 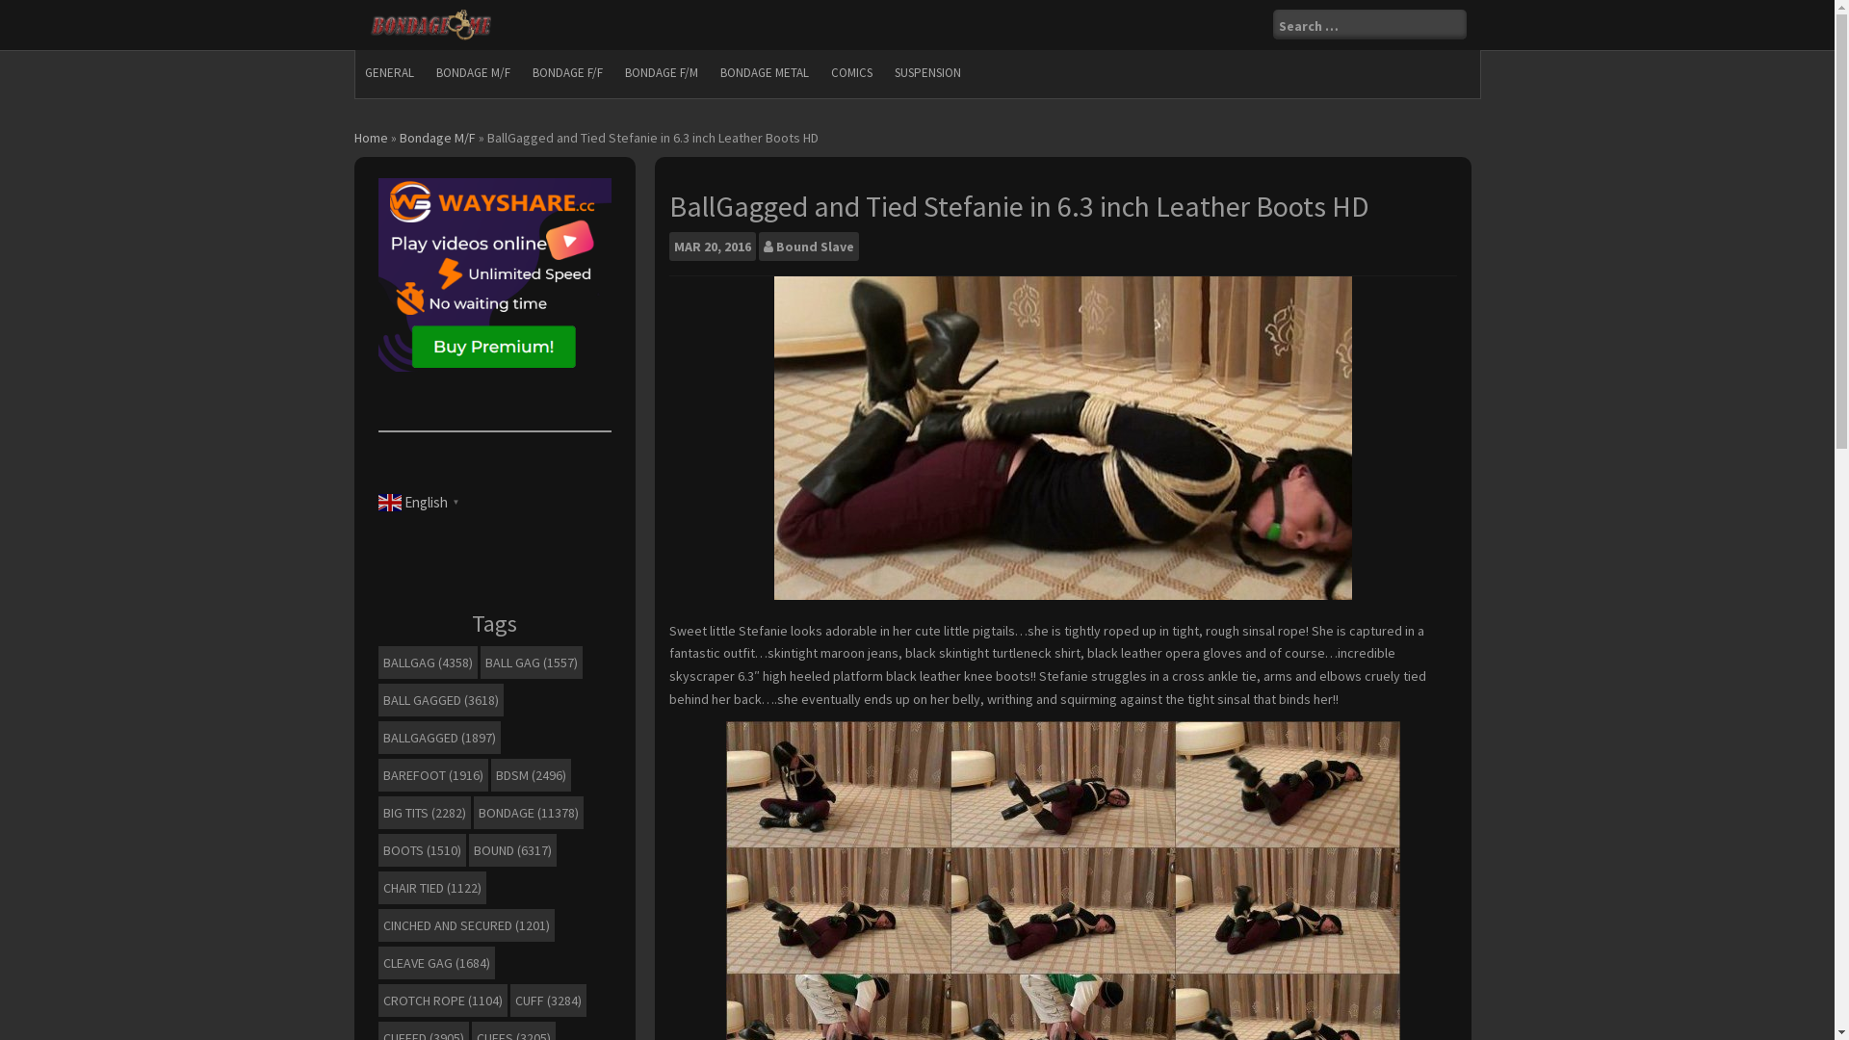 I want to click on 'Bound Slave', so click(x=815, y=245).